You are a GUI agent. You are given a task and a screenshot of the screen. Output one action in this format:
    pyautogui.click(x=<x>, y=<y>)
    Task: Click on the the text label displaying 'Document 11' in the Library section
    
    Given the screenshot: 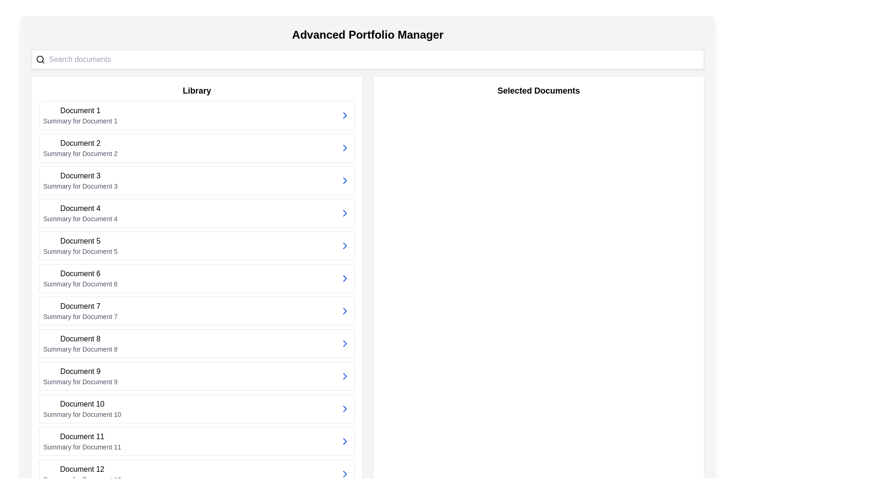 What is the action you would take?
    pyautogui.click(x=82, y=436)
    